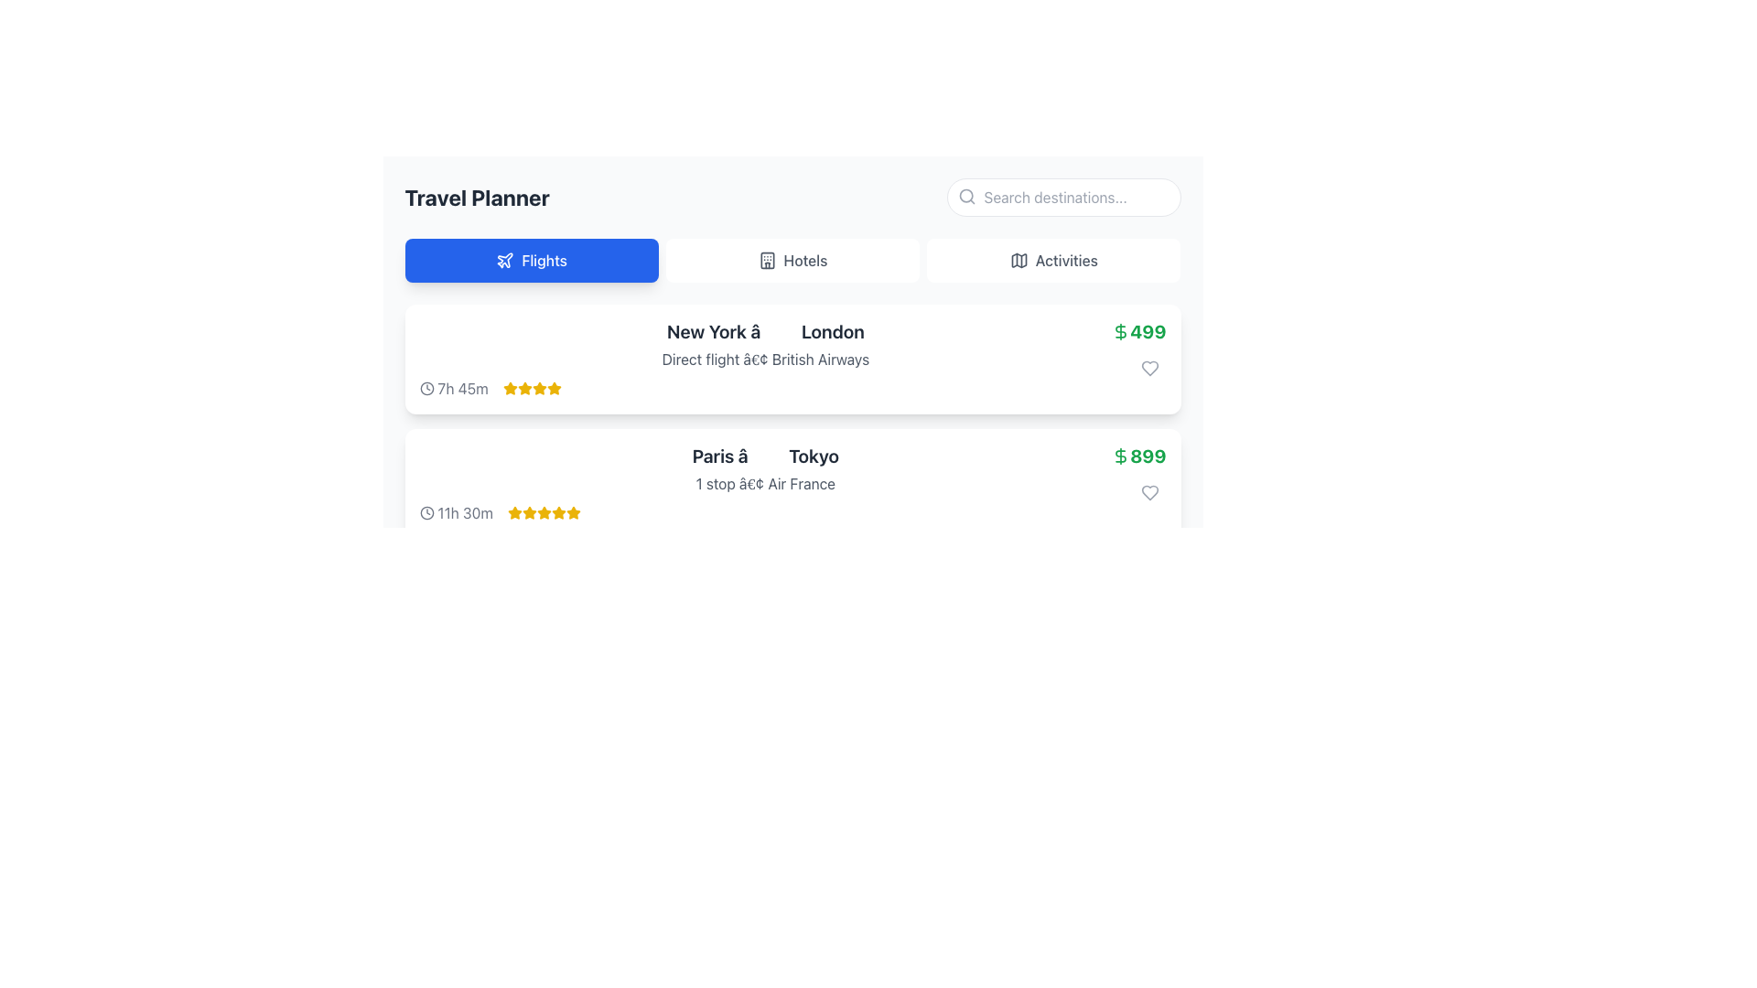  I want to click on the 'Activities' button, which is the third button in a row of three buttons, so click(1053, 261).